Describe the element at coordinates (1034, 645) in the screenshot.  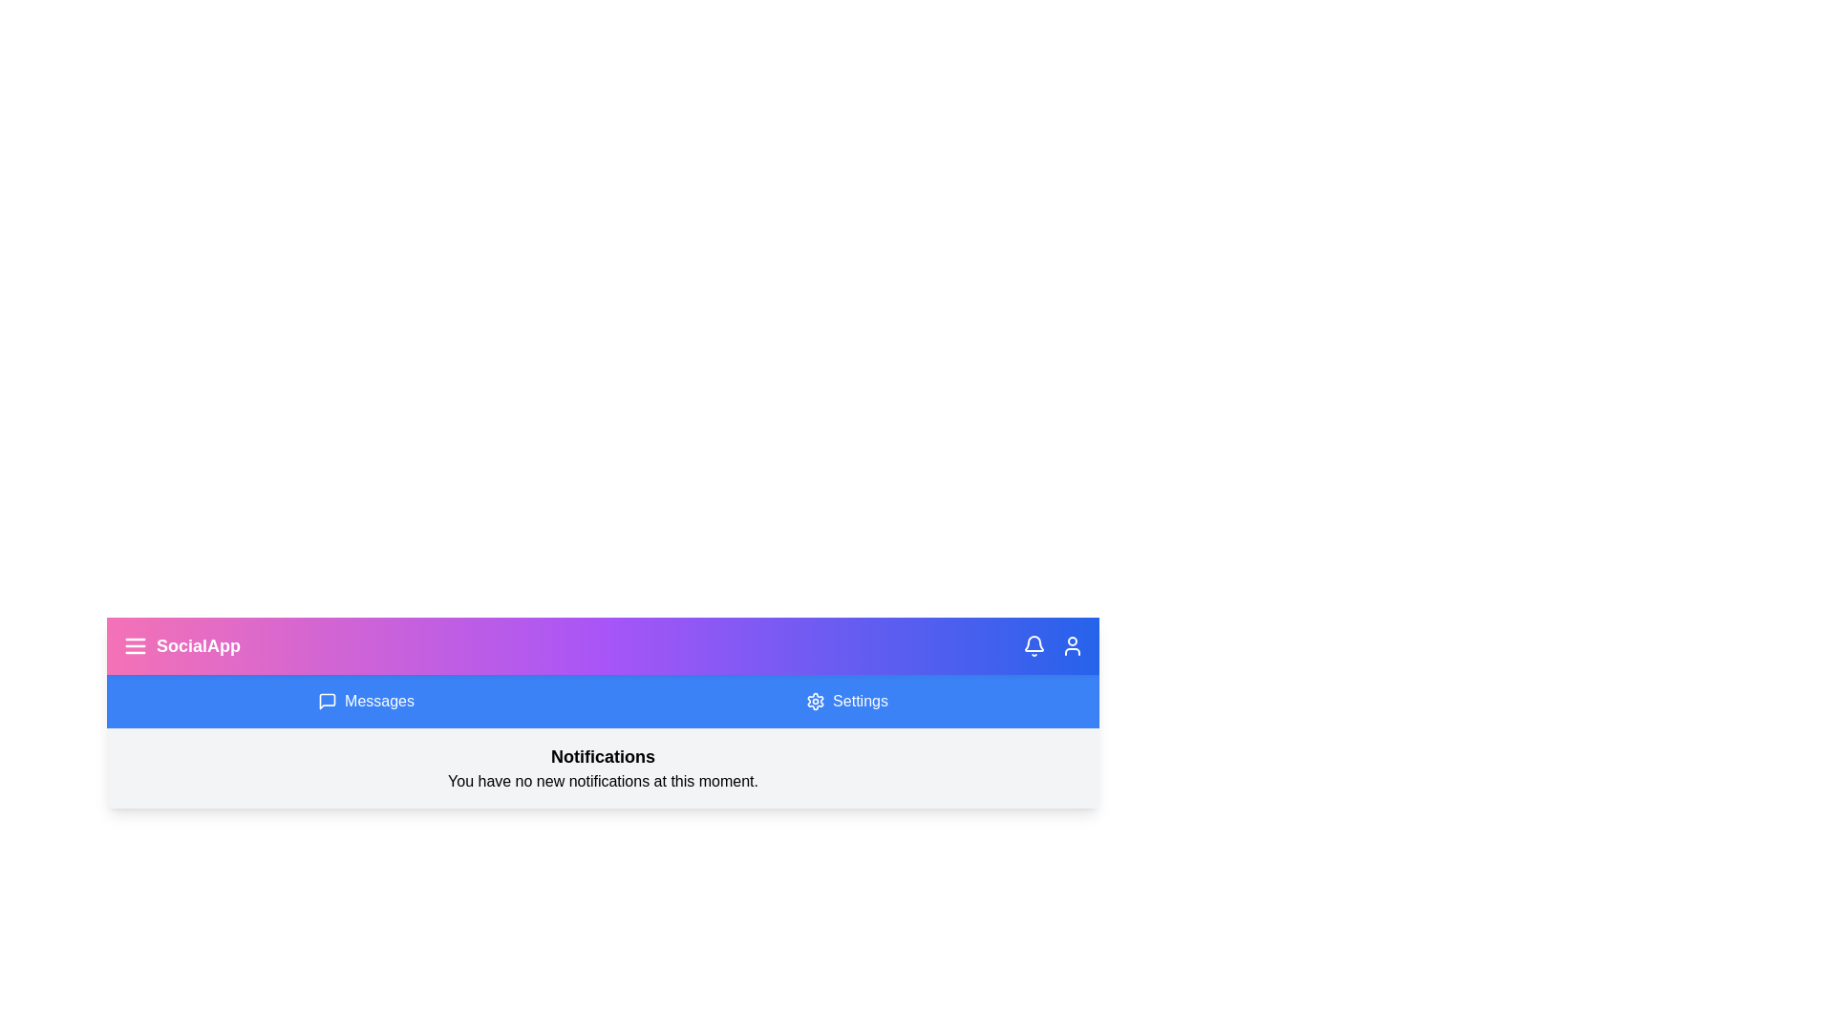
I see `the bell icon to toggle the notifications panel visibility` at that location.